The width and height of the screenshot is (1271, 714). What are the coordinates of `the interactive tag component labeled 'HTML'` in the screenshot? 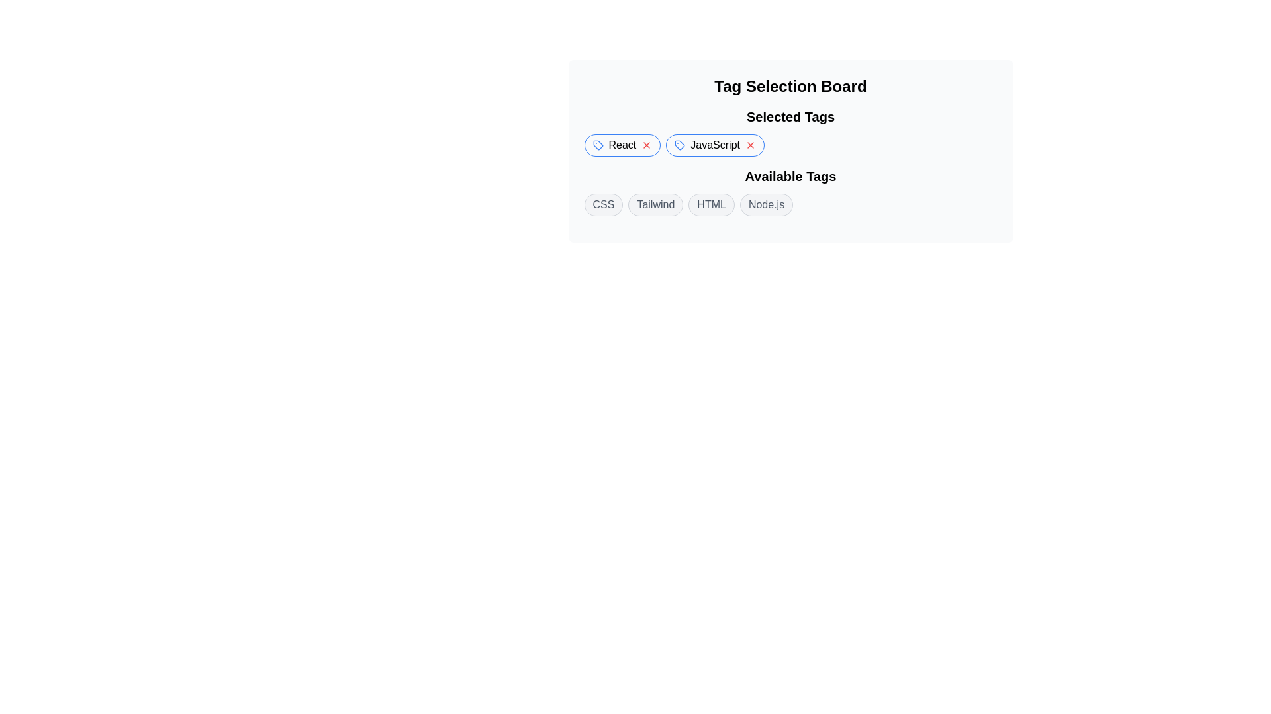 It's located at (711, 204).